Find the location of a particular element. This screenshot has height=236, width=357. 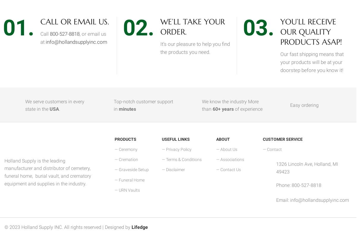

'You’ll receive our quality products ASAP!' is located at coordinates (280, 31).